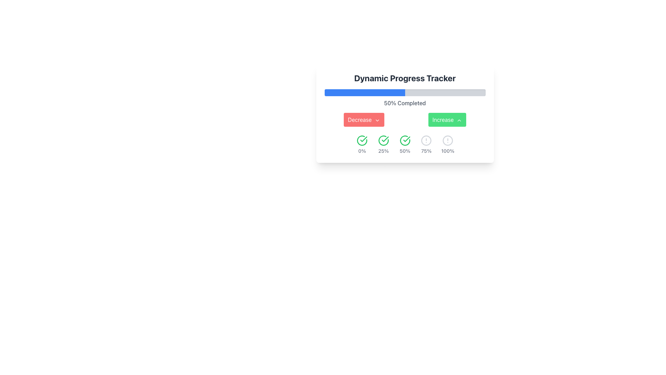 The width and height of the screenshot is (666, 375). I want to click on the circular alert symbol icon that is gray in color and located next to the '100%' text, positioned below the 'Dynamic Progress Tracker', so click(448, 141).